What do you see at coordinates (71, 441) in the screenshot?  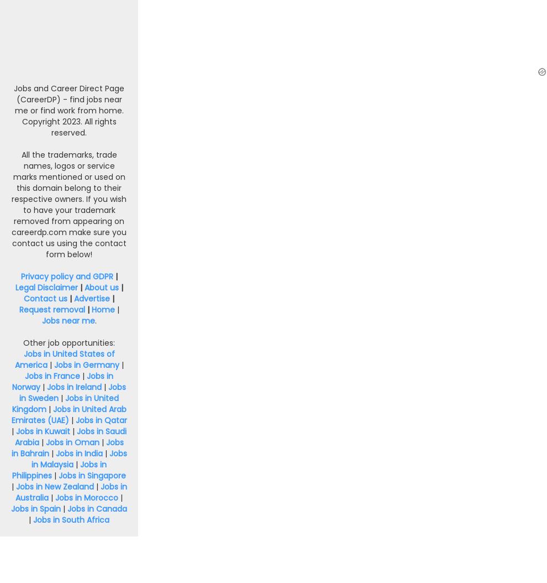 I see `'Jobs in Oman'` at bounding box center [71, 441].